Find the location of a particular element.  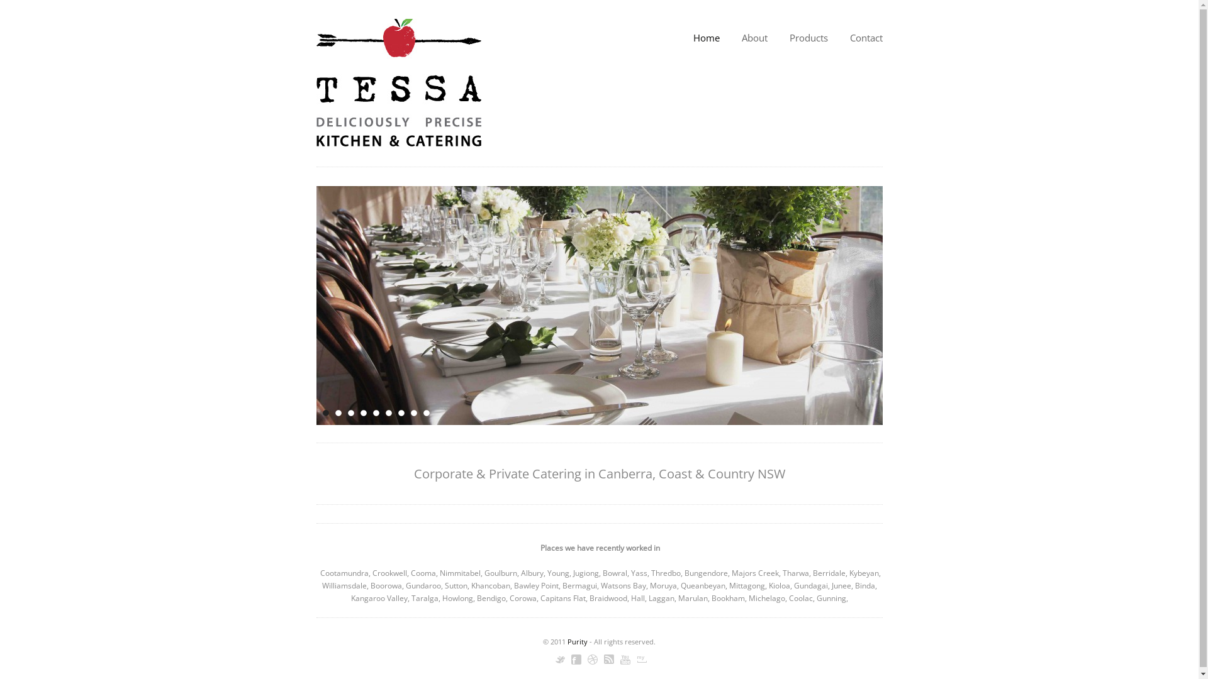

'2' is located at coordinates (335, 412).